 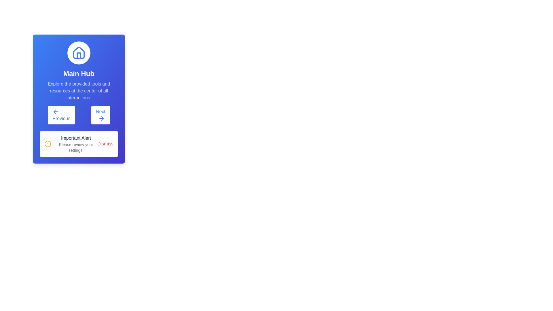 I want to click on the dismiss text link located in the bottom right corner of the notification box containing a yellow alert icon and the messages 'Important Alert' and 'Please review your settings!', so click(x=105, y=144).